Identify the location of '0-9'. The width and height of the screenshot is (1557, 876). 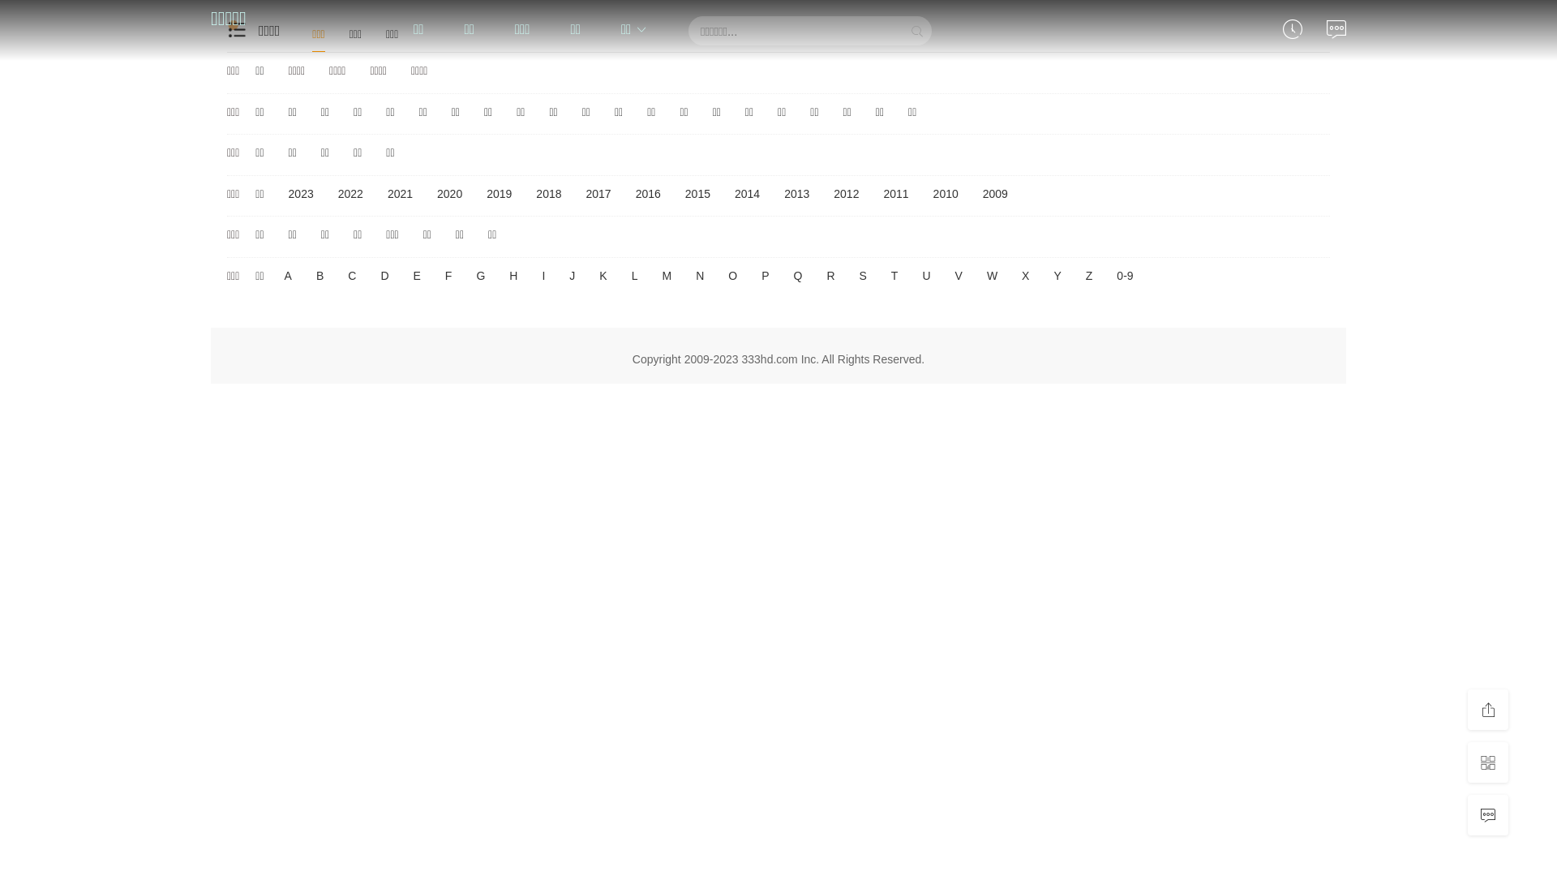
(1124, 275).